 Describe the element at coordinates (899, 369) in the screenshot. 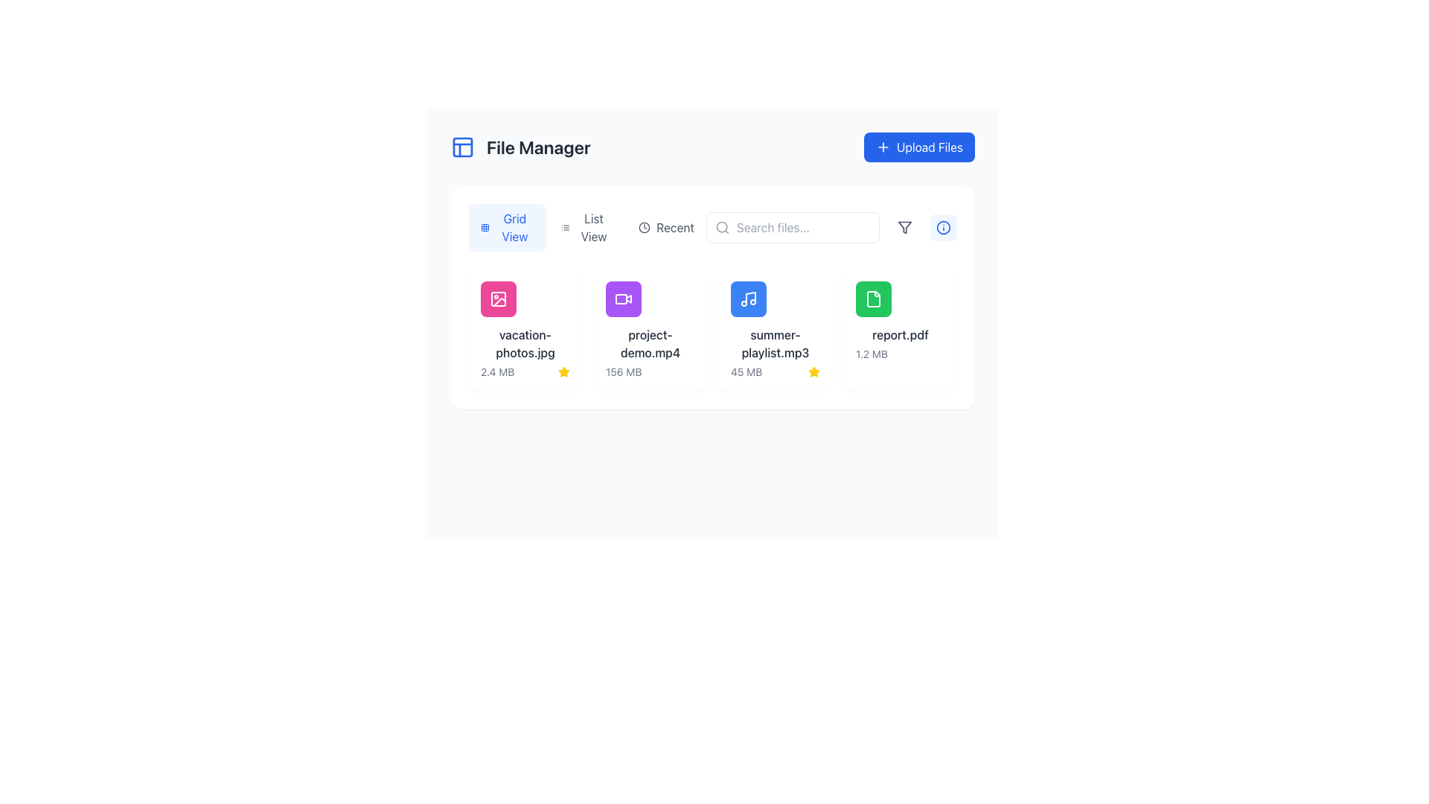

I see `the interactive share button located at the bottom-right of the file card labeled 'report.pdf'` at that location.